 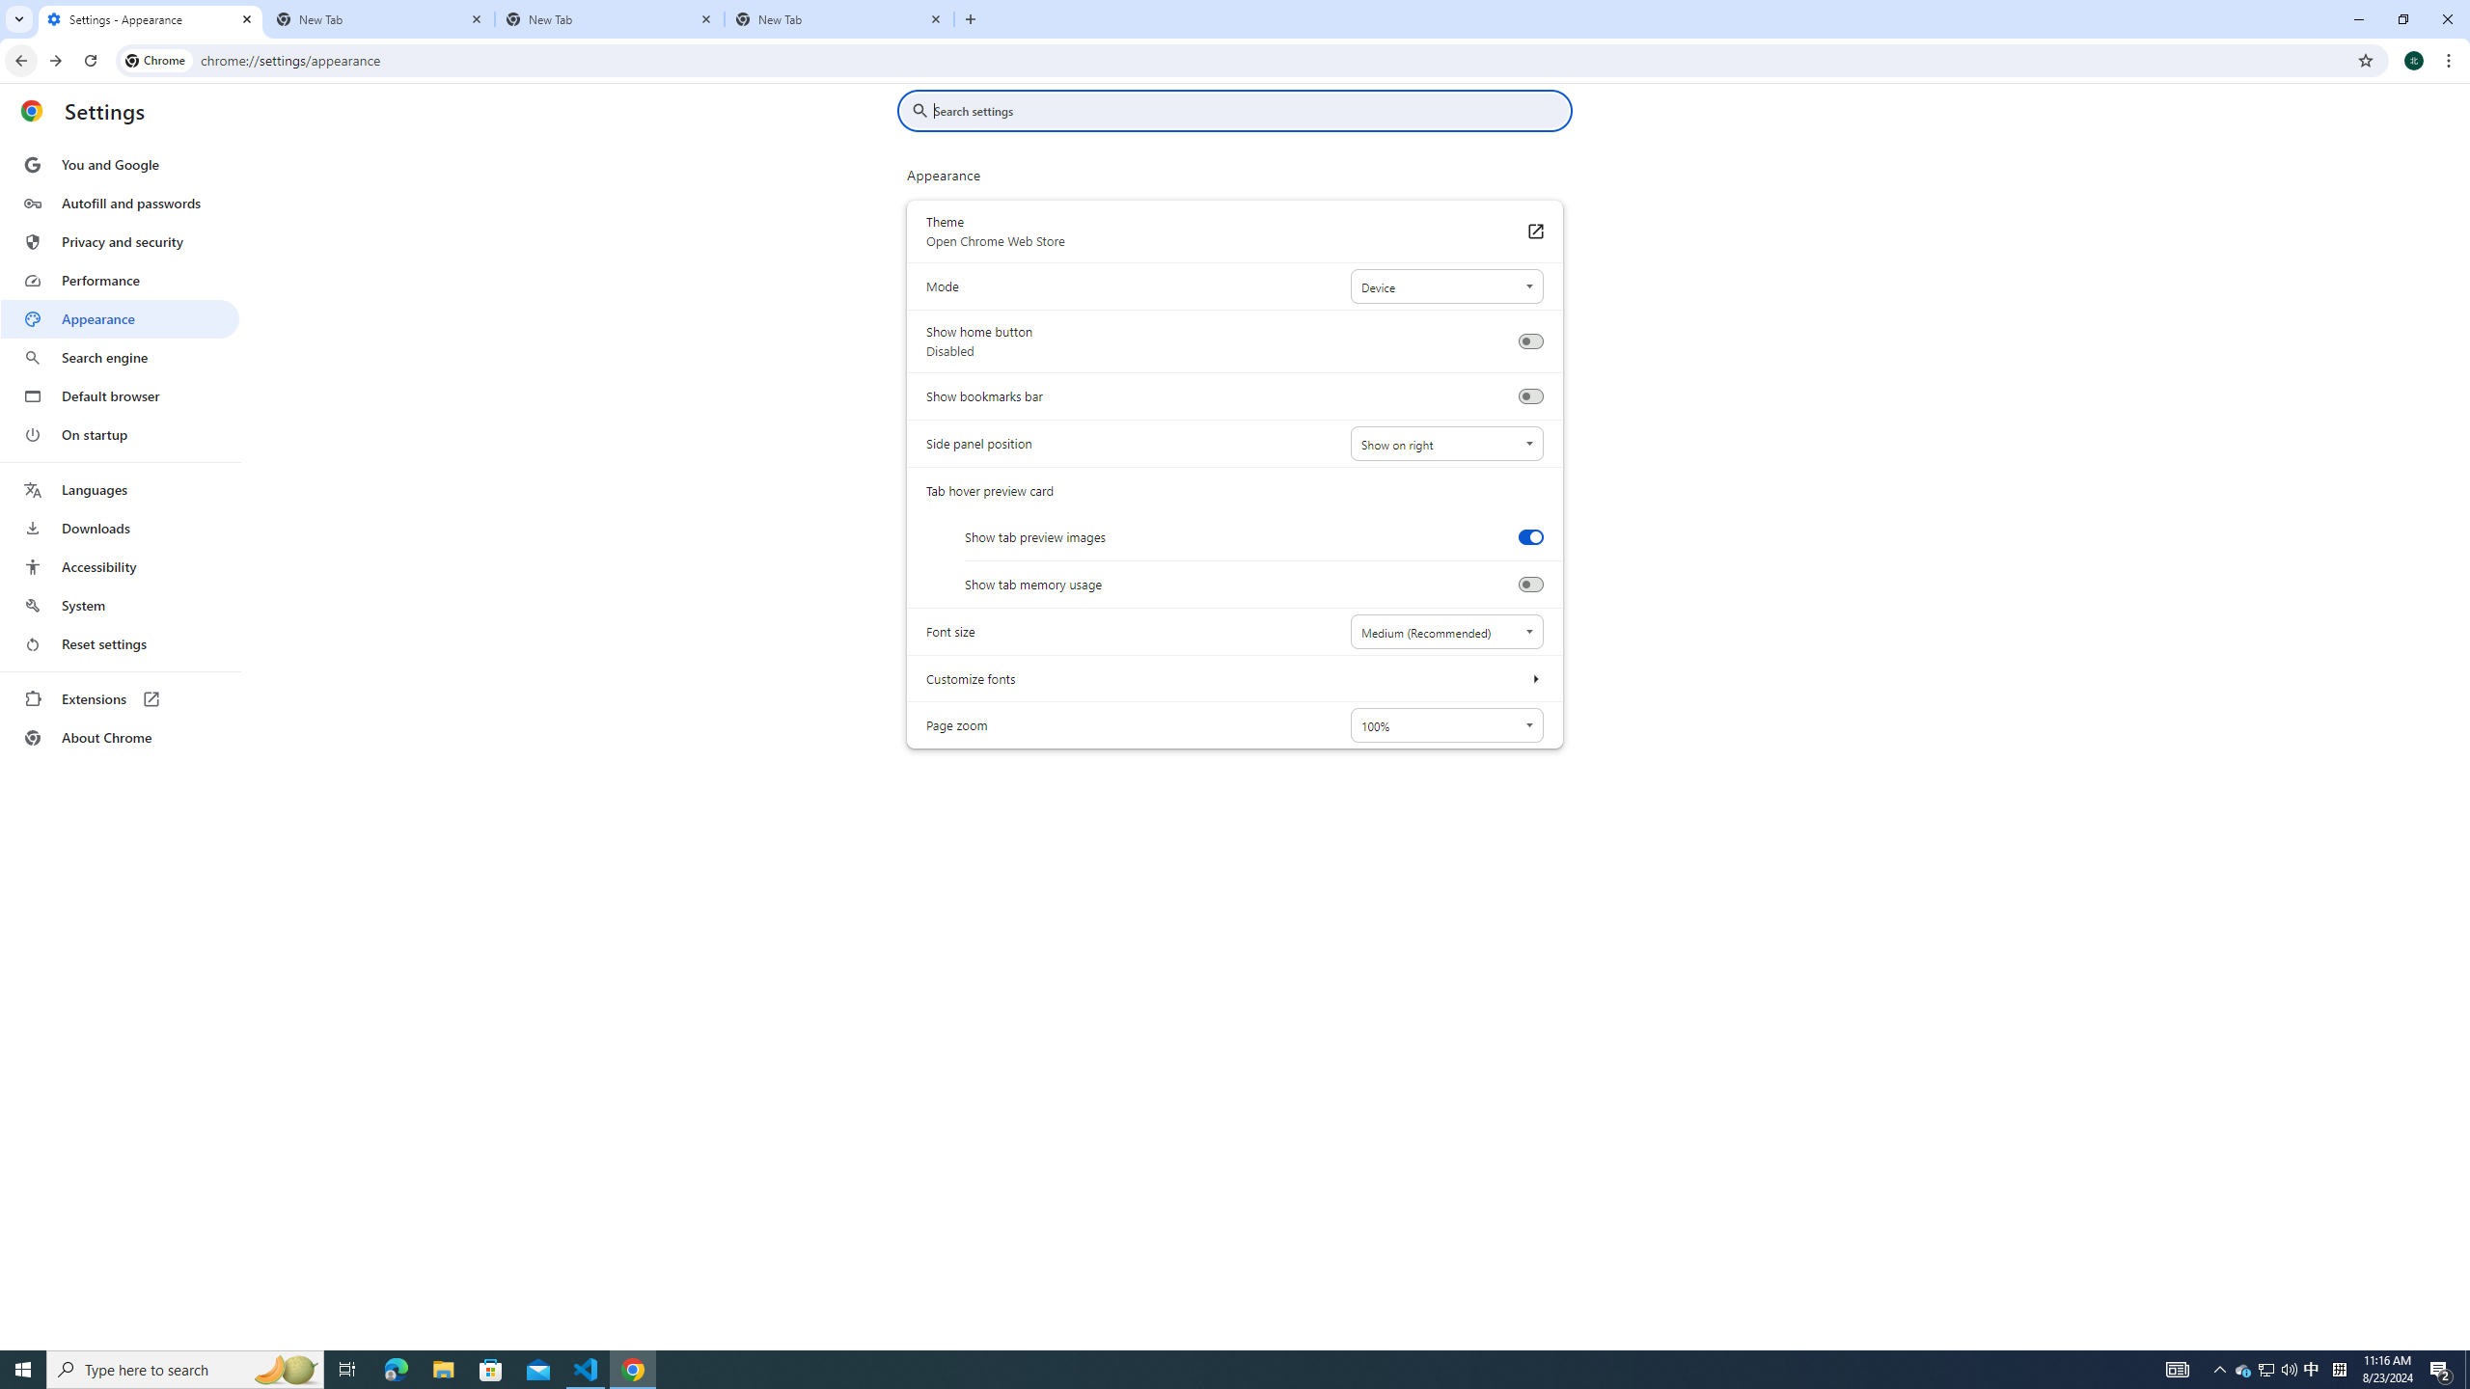 I want to click on 'Reset settings', so click(x=119, y=643).